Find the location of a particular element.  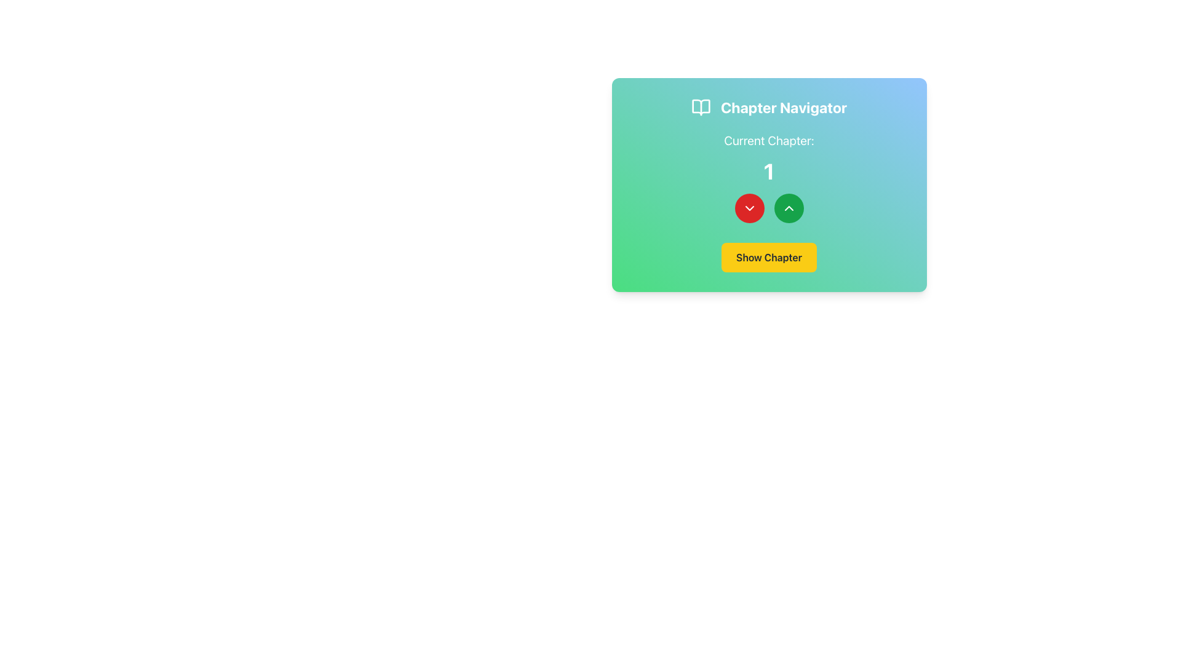

the bold text label displaying 'Chapter Navigator' located in the top central area of the card interface is located at coordinates (783, 106).